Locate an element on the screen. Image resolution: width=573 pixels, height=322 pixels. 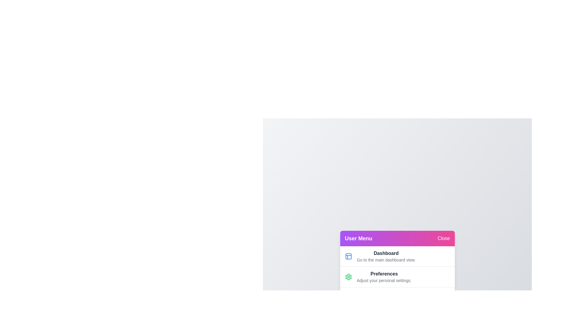
the 'Close' button in the header to toggle the menu is located at coordinates (444, 238).